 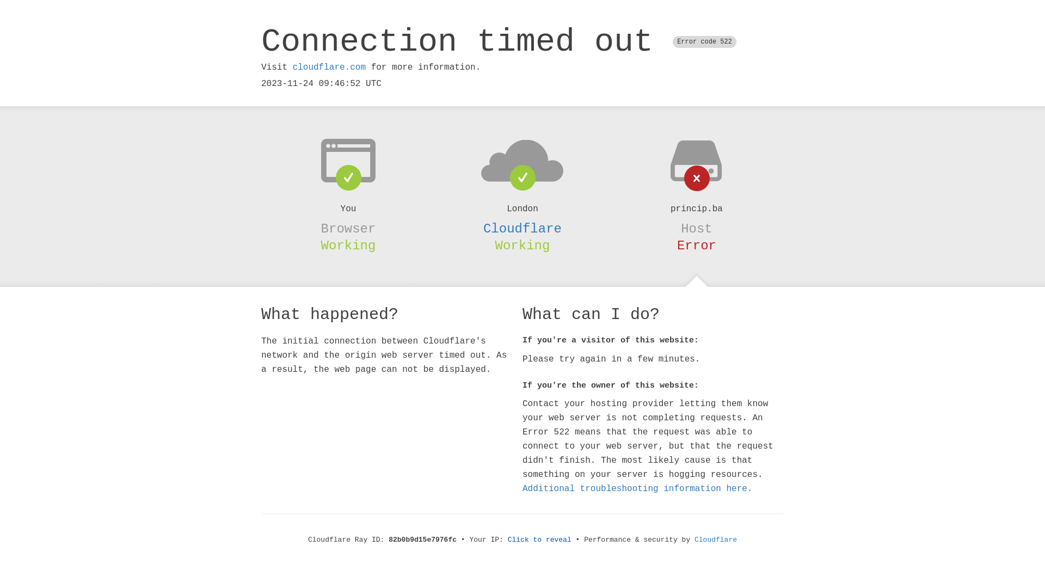 I want to click on 'Click to reveal', so click(x=539, y=540).